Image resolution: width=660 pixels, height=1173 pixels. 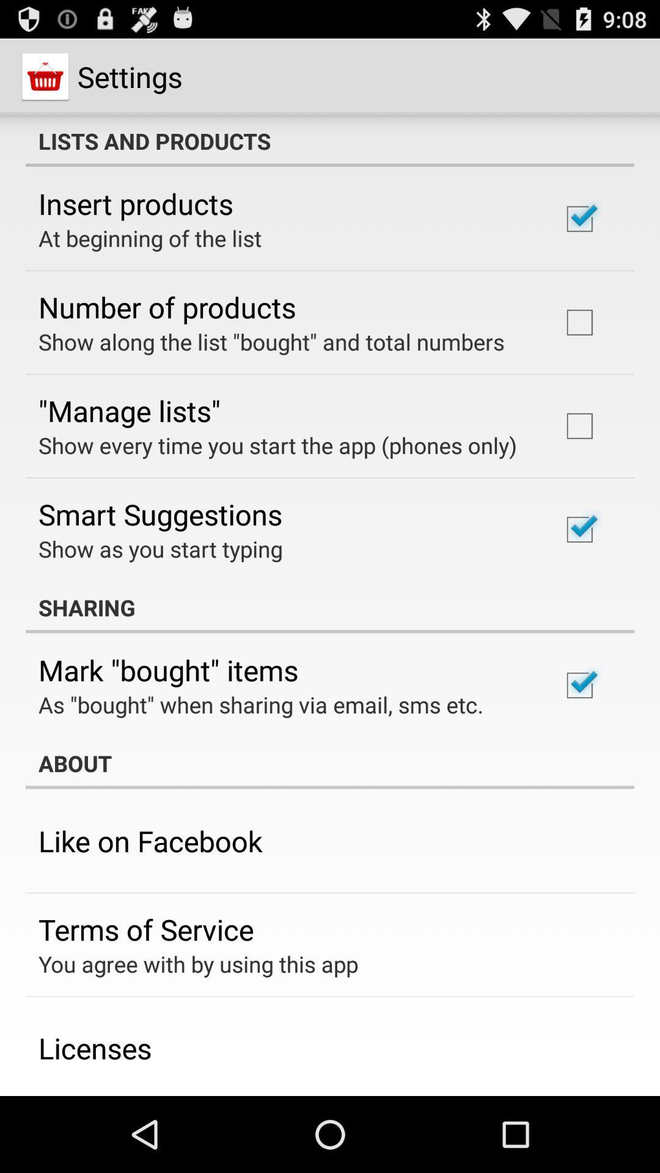 I want to click on you agree with item, so click(x=197, y=963).